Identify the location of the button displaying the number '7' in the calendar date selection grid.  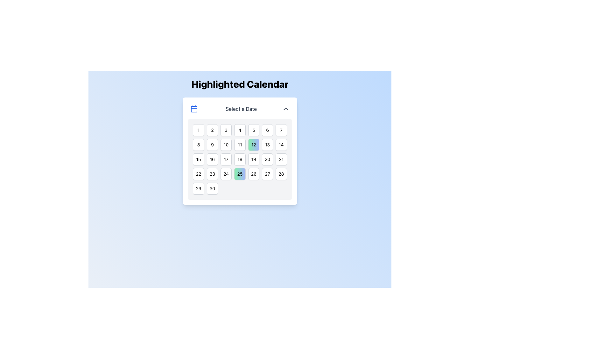
(281, 130).